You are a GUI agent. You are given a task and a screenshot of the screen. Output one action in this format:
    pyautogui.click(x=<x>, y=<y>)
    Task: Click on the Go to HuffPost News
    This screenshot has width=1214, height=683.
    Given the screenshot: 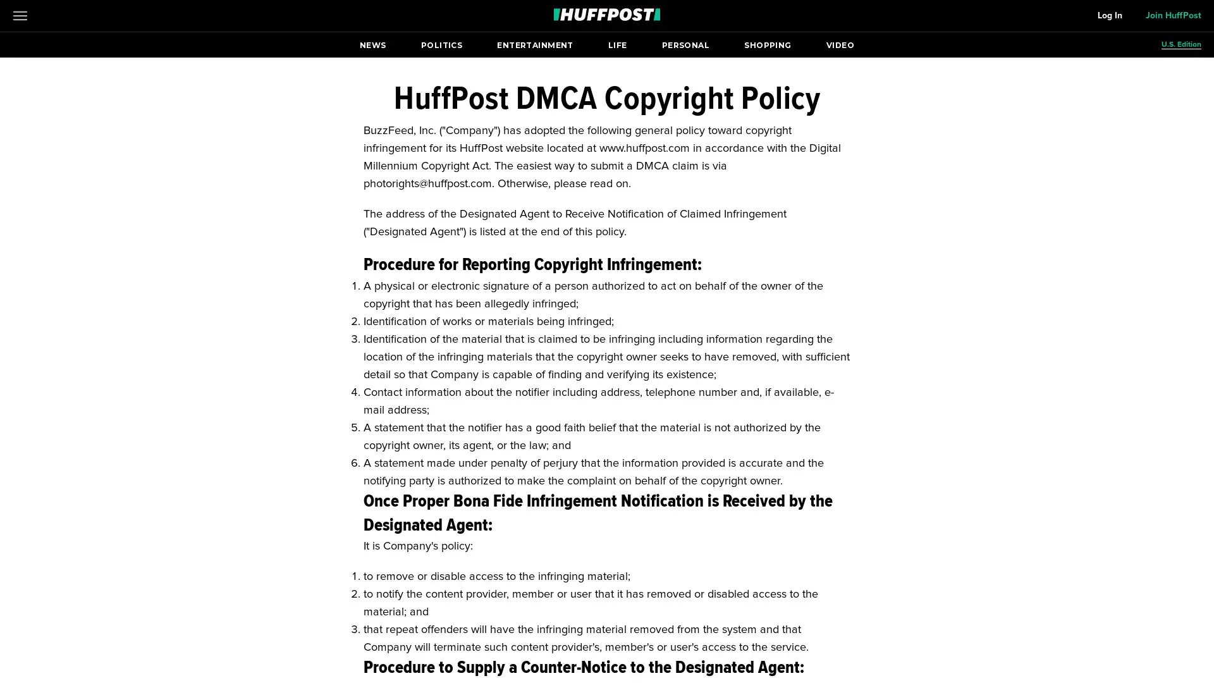 What is the action you would take?
    pyautogui.click(x=607, y=15)
    